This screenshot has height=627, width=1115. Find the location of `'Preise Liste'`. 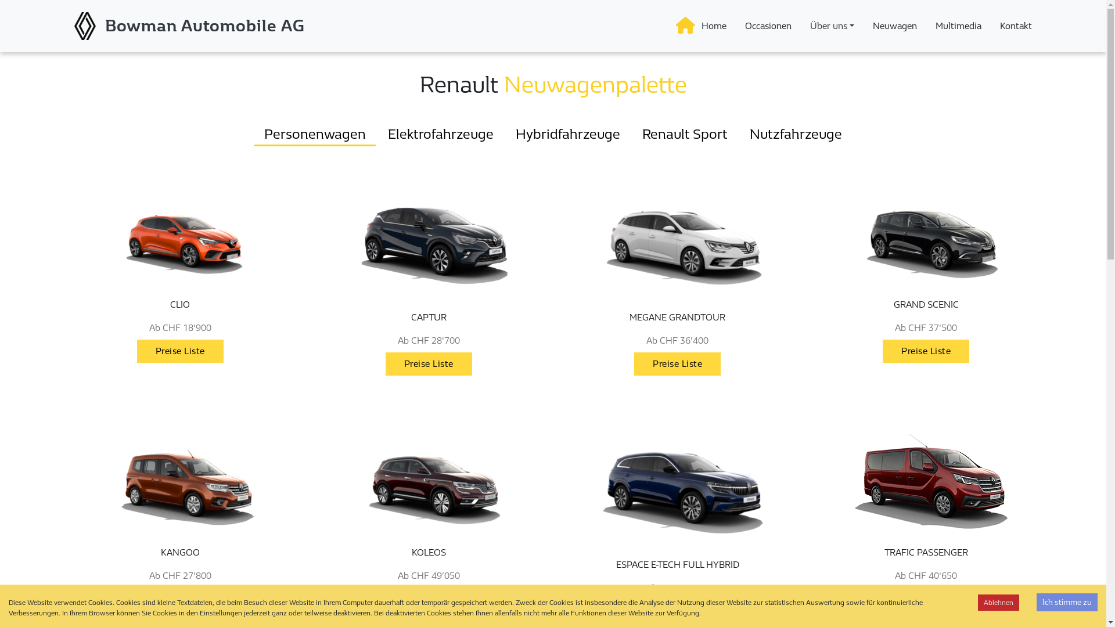

'Preise Liste' is located at coordinates (925, 599).